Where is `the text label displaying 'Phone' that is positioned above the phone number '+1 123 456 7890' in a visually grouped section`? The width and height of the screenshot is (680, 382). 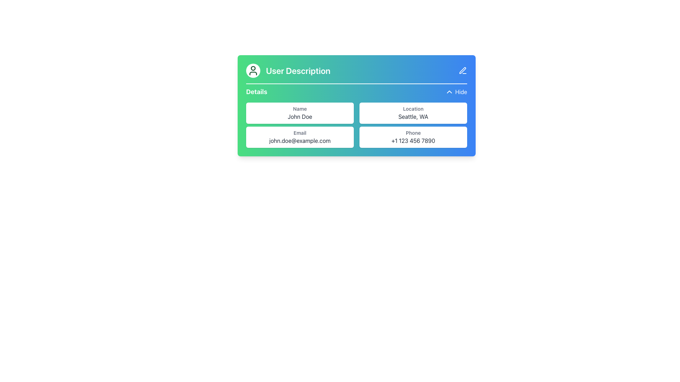 the text label displaying 'Phone' that is positioned above the phone number '+1 123 456 7890' in a visually grouped section is located at coordinates (413, 133).